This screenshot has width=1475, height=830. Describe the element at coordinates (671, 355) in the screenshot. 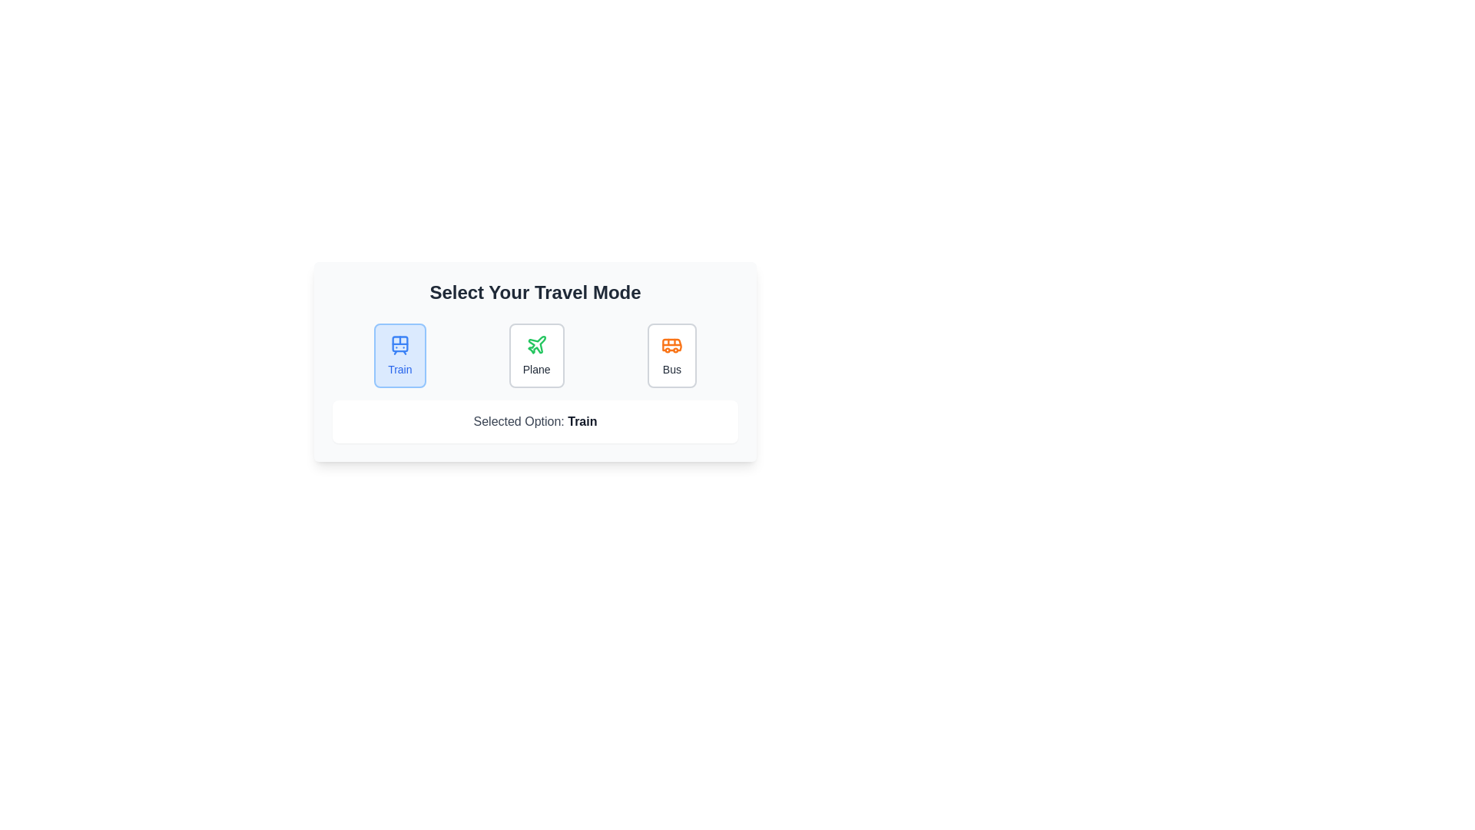

I see `the rectangular button with a bus icon in orange and the word 'Bus' in black` at that location.